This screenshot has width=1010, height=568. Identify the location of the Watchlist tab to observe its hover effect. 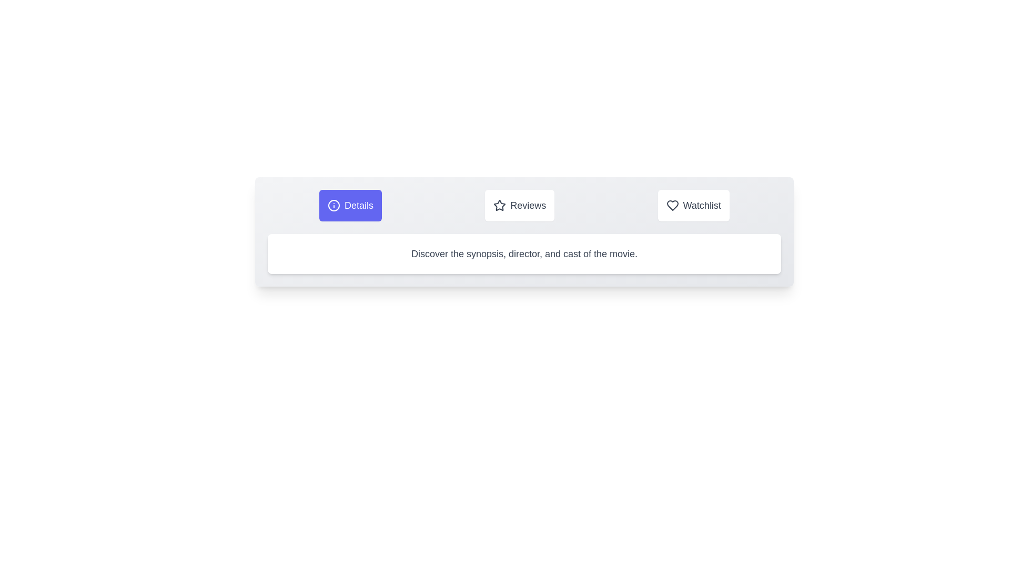
(693, 205).